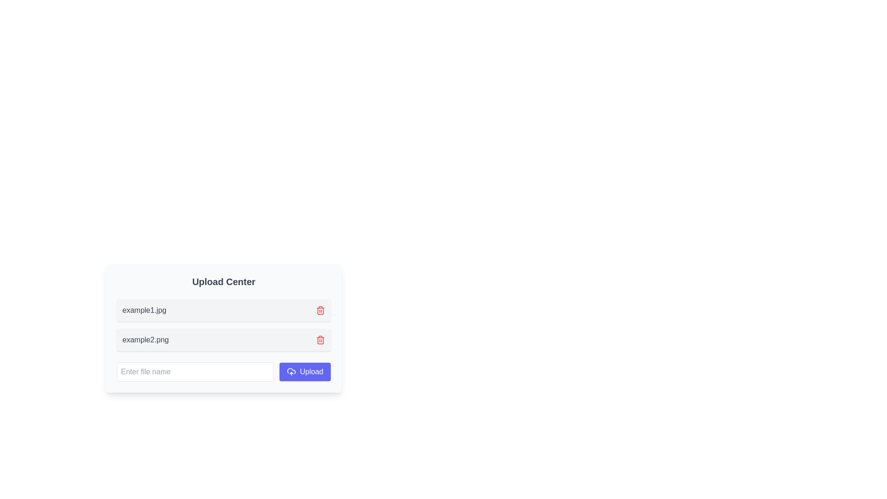  Describe the element at coordinates (321, 340) in the screenshot. I see `the red trash bin icon button located to the far right of the row for the file named 'example2.png', which changes color when hovered over` at that location.